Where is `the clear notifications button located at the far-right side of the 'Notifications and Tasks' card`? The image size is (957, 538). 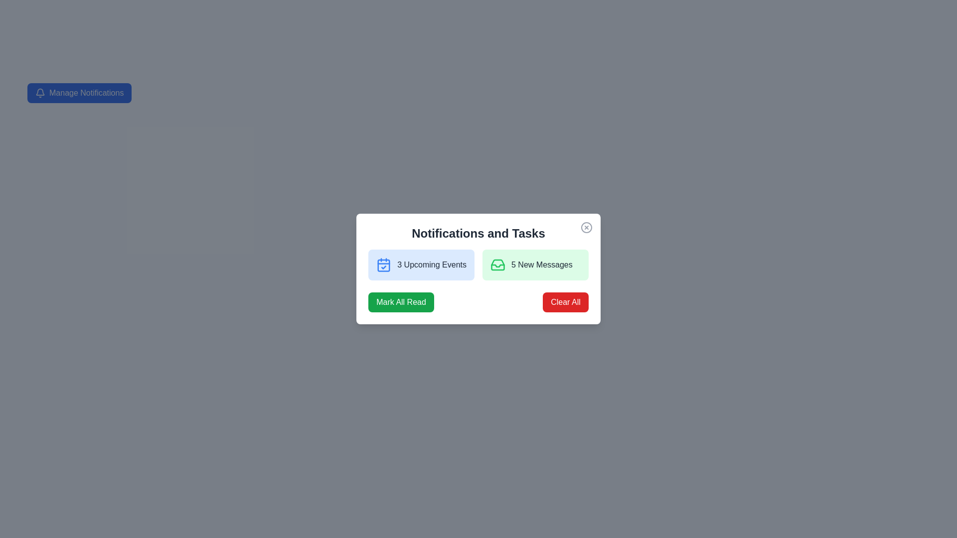 the clear notifications button located at the far-right side of the 'Notifications and Tasks' card is located at coordinates (565, 301).